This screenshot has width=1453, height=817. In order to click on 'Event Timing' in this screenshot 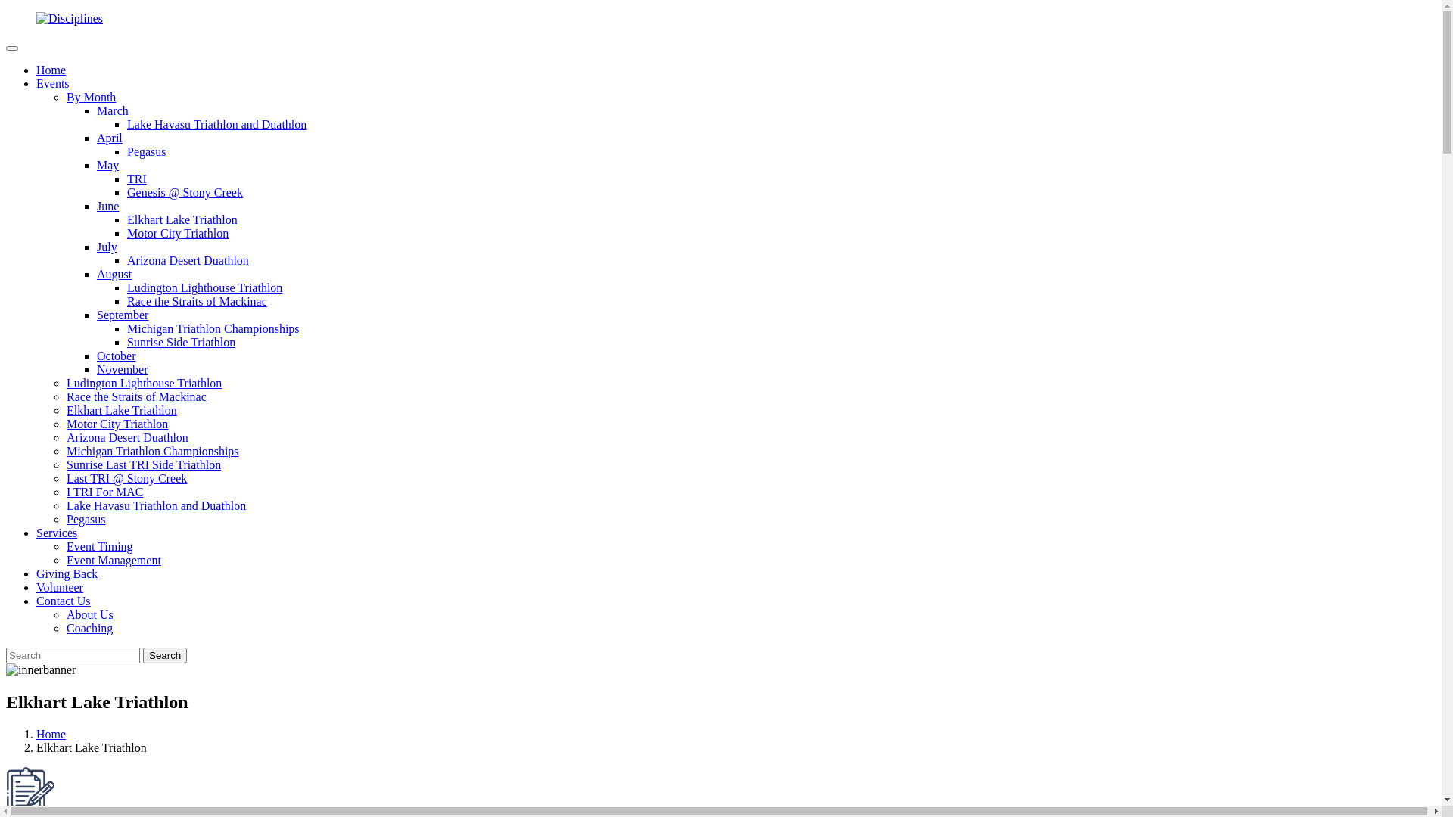, I will do `click(98, 546)`.